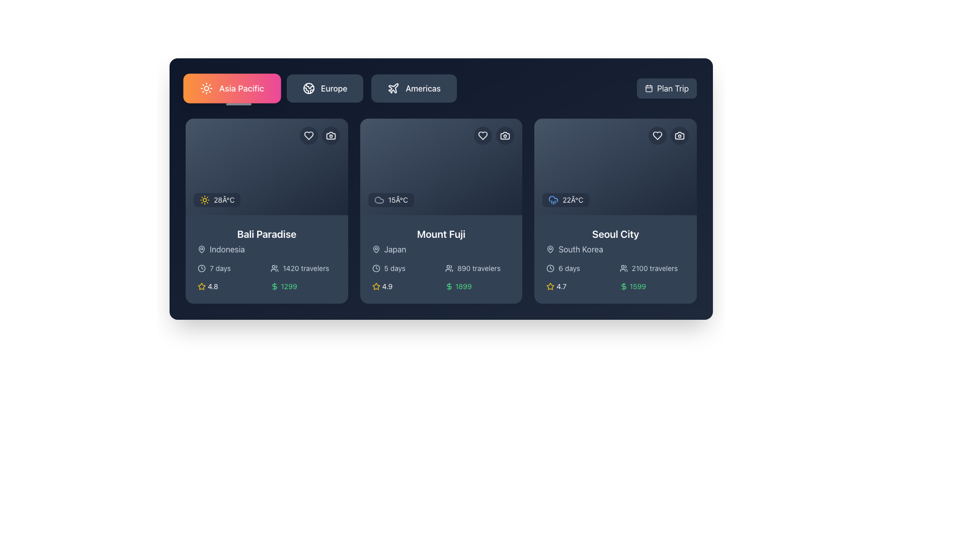  Describe the element at coordinates (238, 104) in the screenshot. I see `the indicator bar that visually highlights the currently selected 'Asia Pacific' button, positioned directly below it` at that location.